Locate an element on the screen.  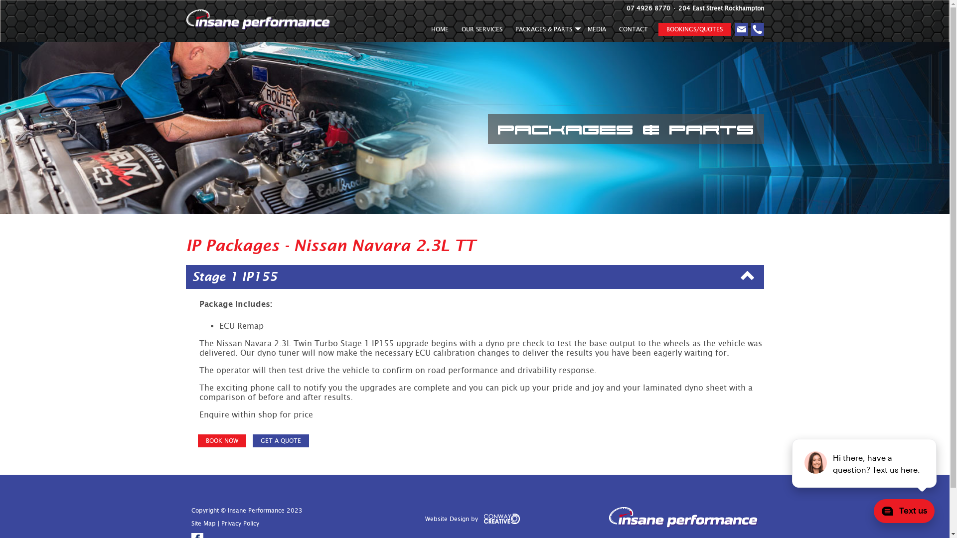
'HOME' is located at coordinates (439, 30).